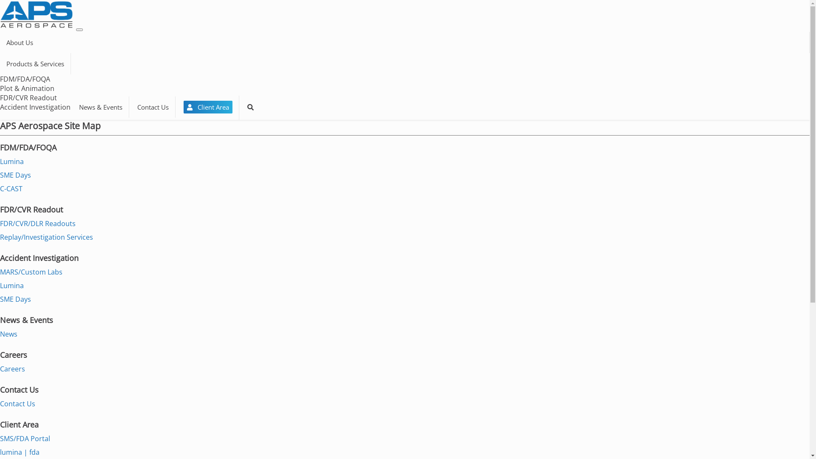  What do you see at coordinates (101, 106) in the screenshot?
I see `'News & Events'` at bounding box center [101, 106].